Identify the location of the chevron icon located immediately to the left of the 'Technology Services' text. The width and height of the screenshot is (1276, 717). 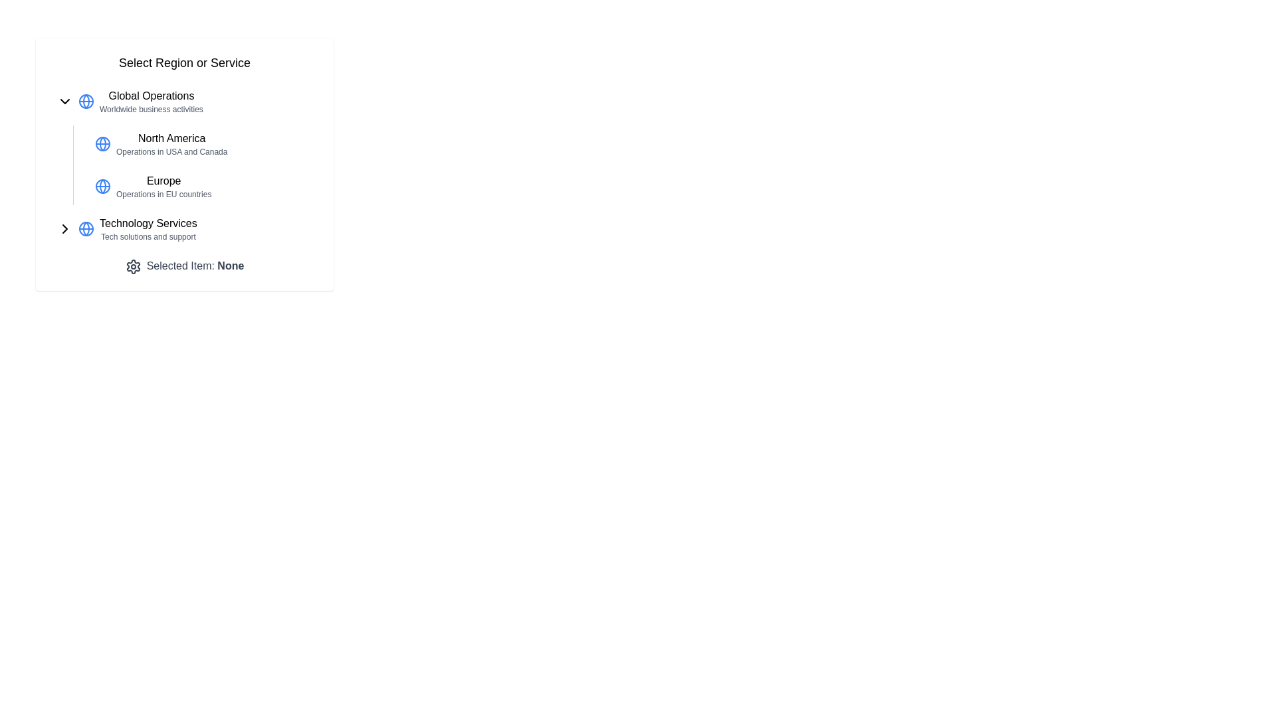
(64, 228).